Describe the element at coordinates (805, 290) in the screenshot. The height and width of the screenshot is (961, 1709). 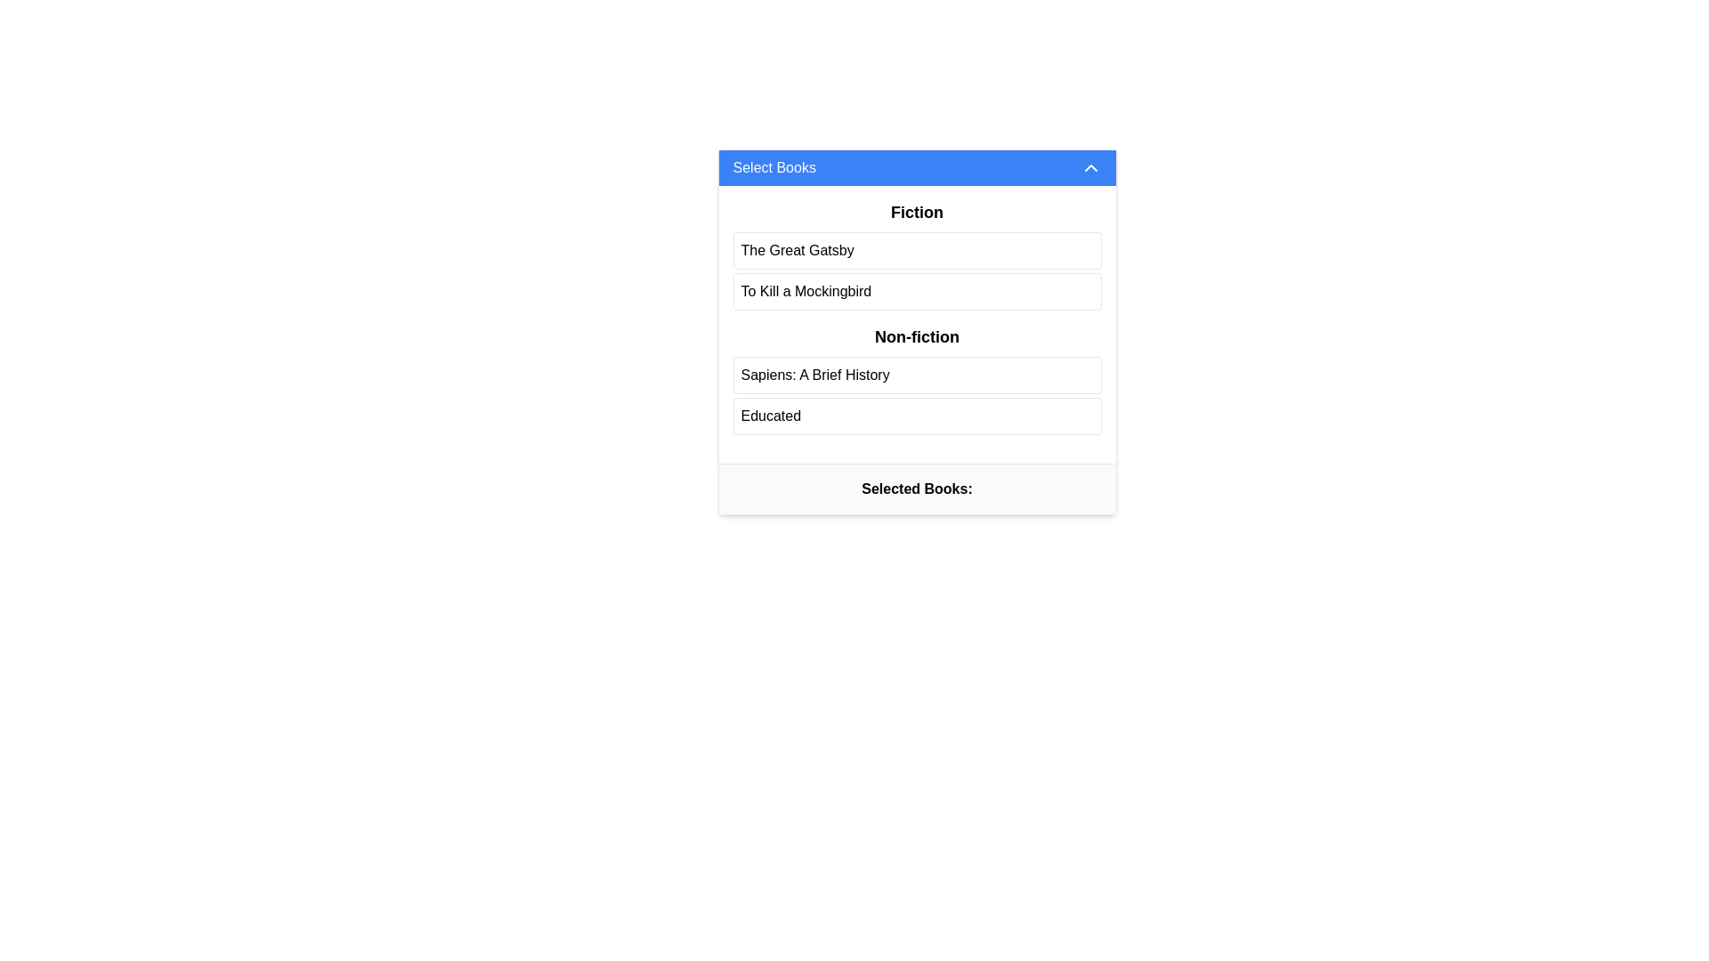
I see `text label representing the book title in the Fiction category, which is the second item in the list, positioned between 'The Great Gatsby' and 'Sapiens: A Brief History'` at that location.